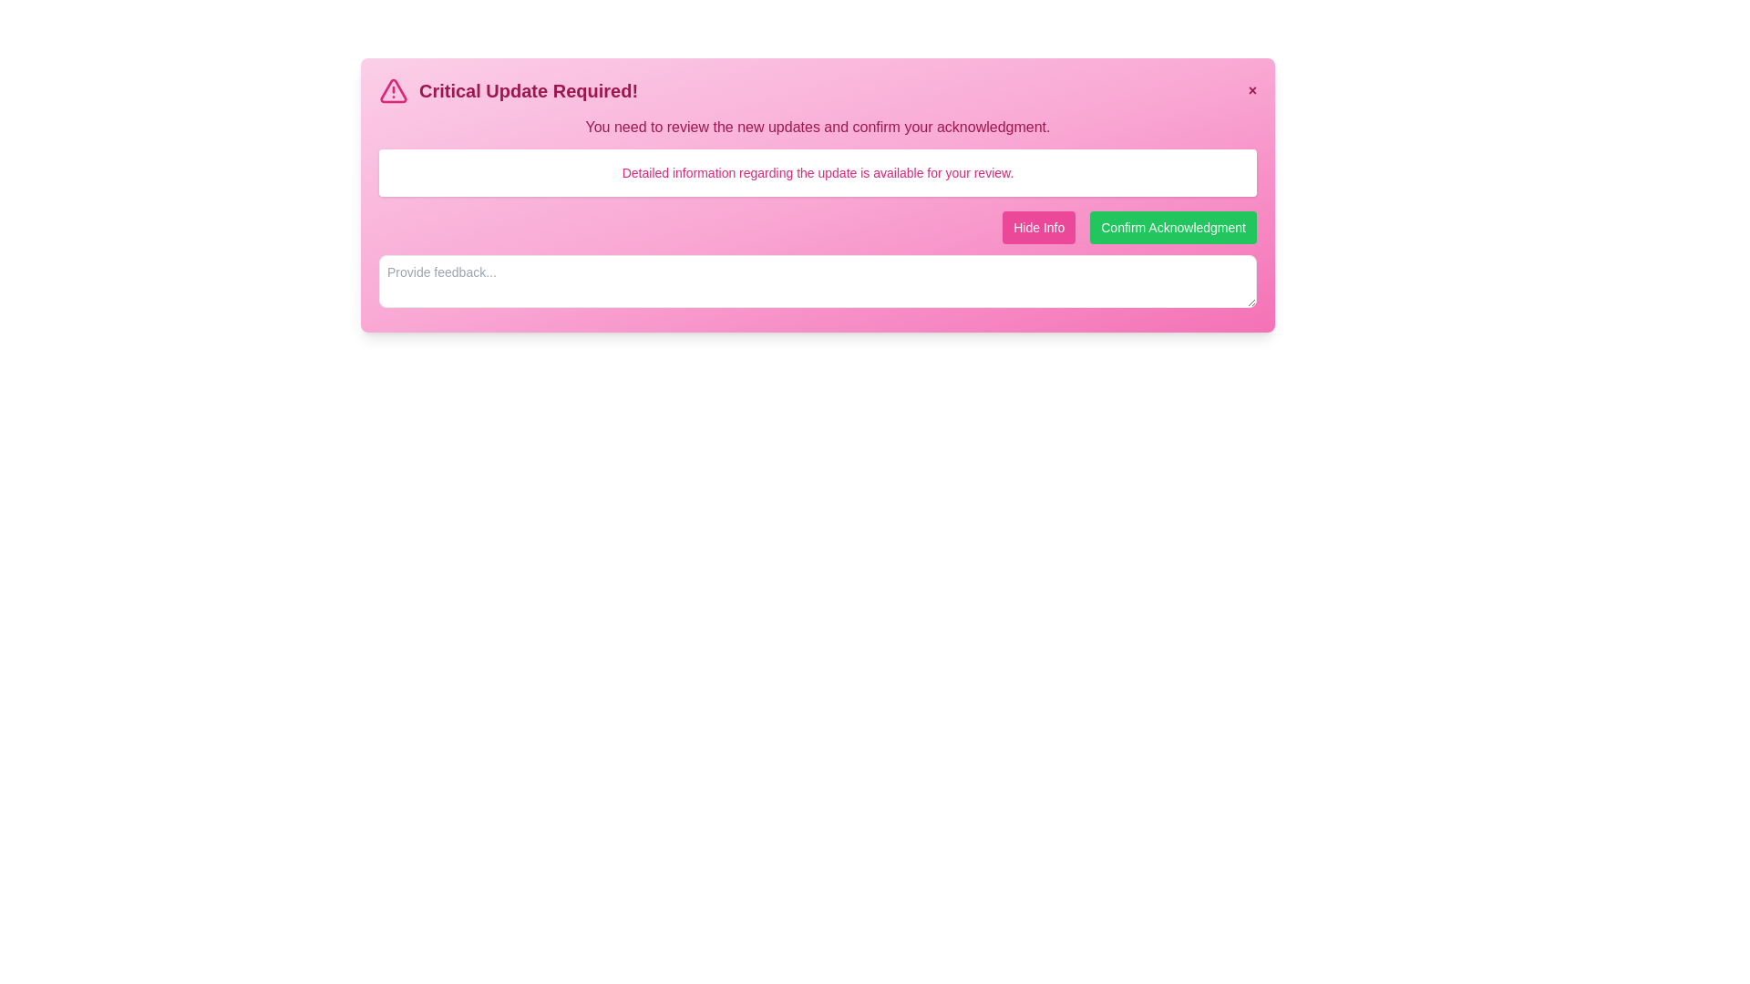  Describe the element at coordinates (1173, 227) in the screenshot. I see `the 'Confirm Acknowledgment' button to confirm acknowledgment` at that location.